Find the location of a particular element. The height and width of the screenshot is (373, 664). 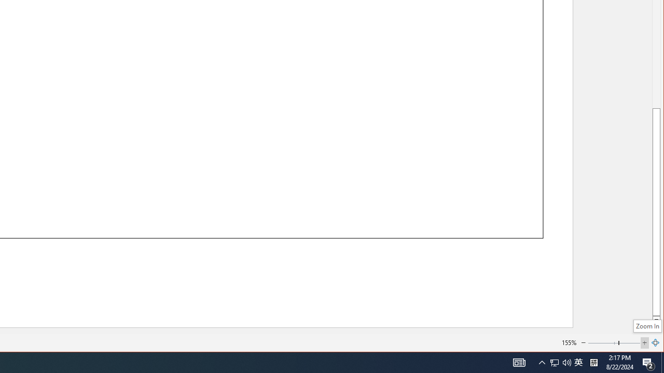

'Action Center, 2 new notifications' is located at coordinates (648, 362).